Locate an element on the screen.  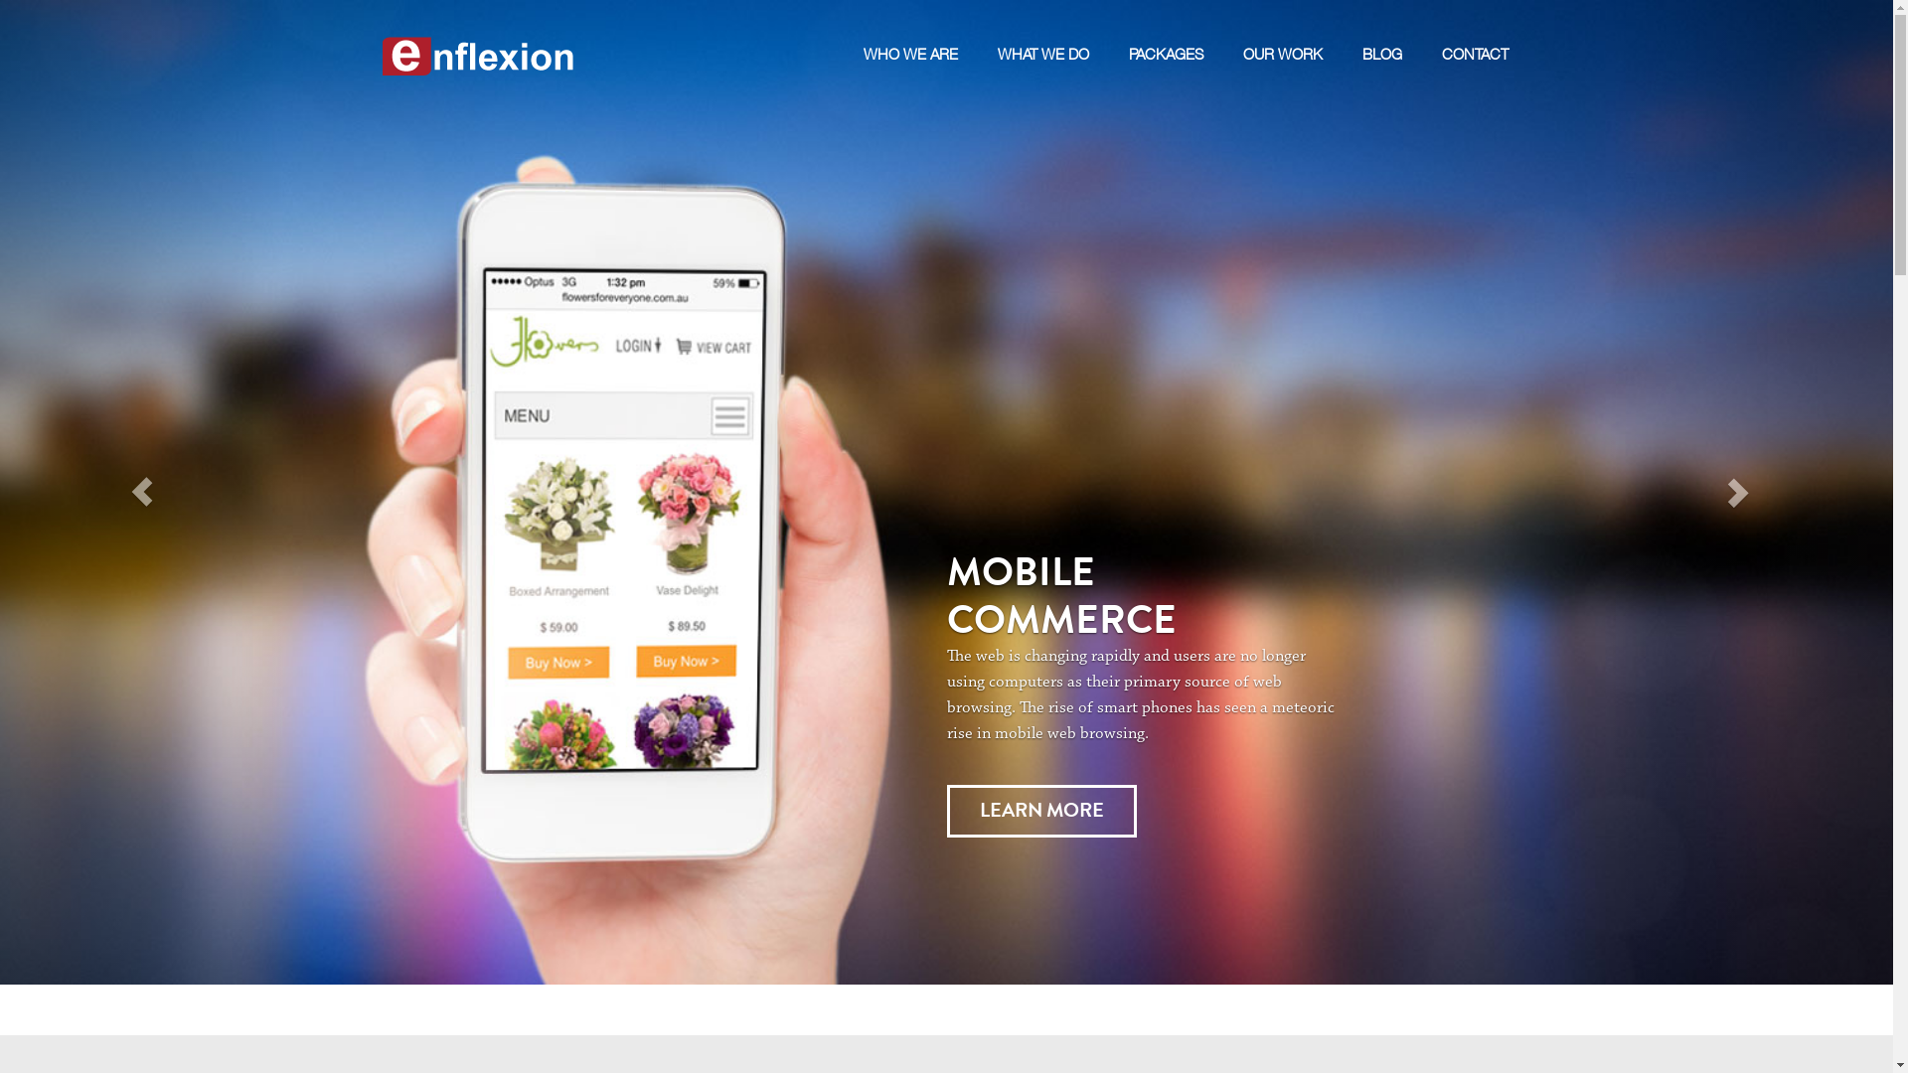
'WHO WE ARE' is located at coordinates (908, 32).